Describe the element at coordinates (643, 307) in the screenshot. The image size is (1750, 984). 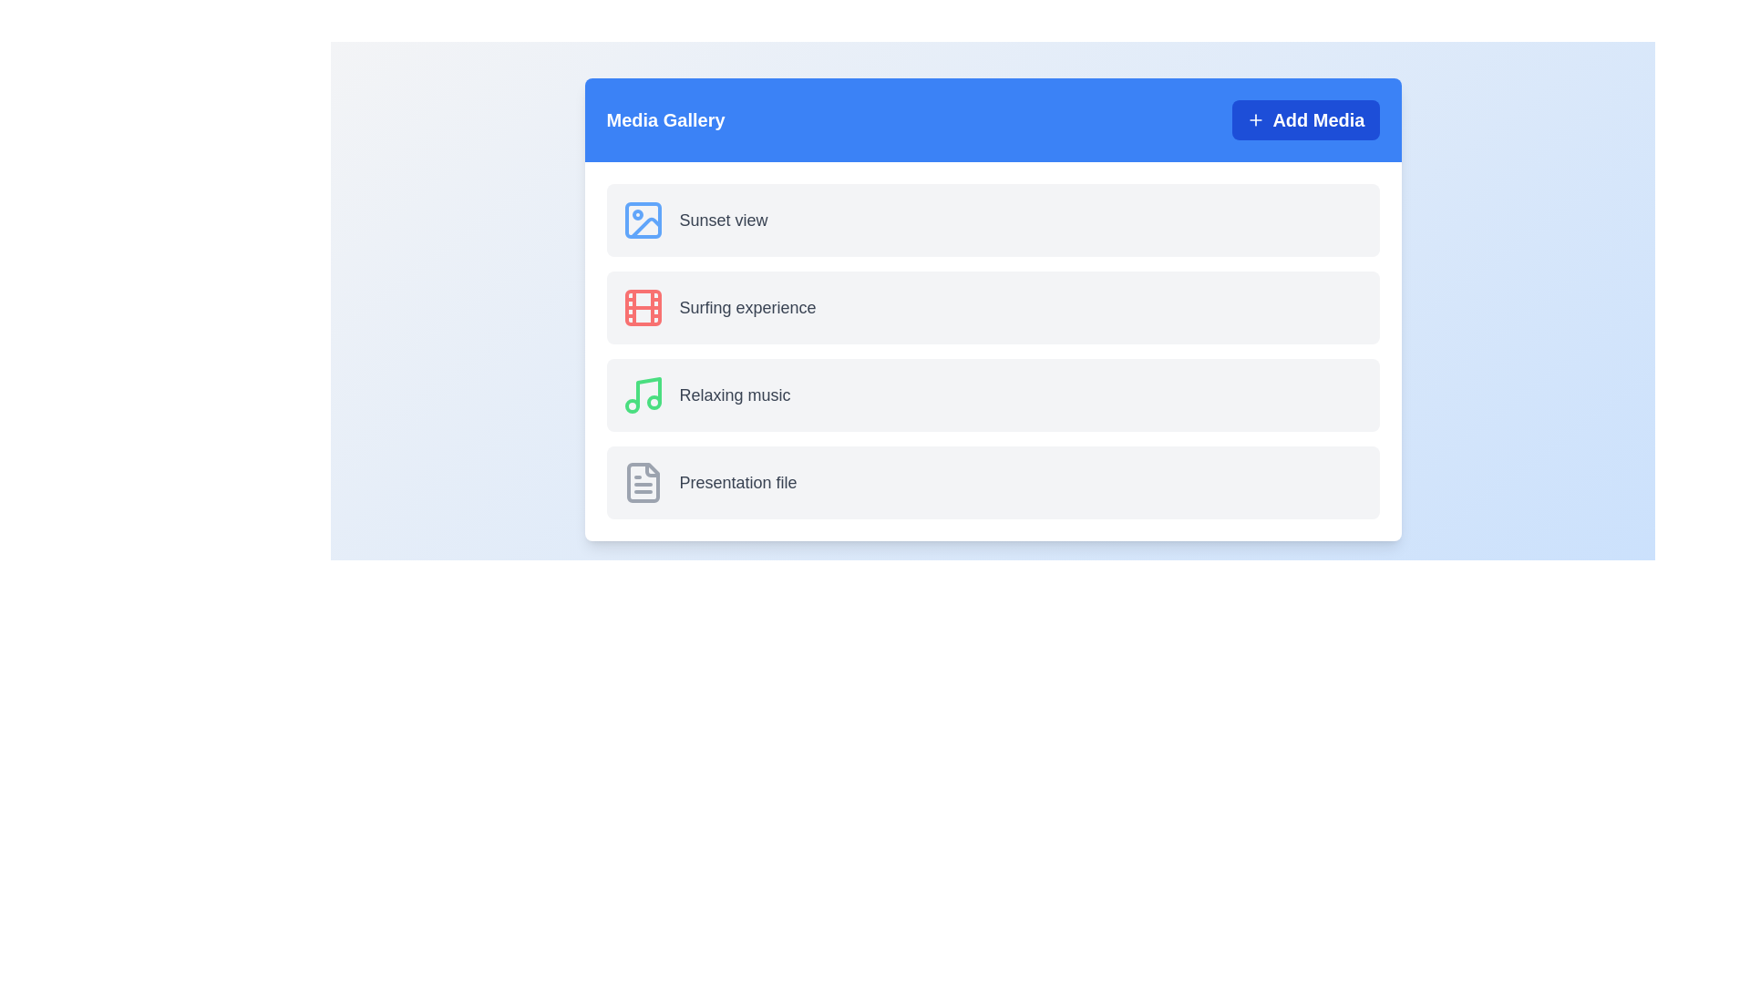
I see `the central rectangular component of the film strip icon associated with the 'Surfing experience' entry in the 'Media Gallery' interface` at that location.